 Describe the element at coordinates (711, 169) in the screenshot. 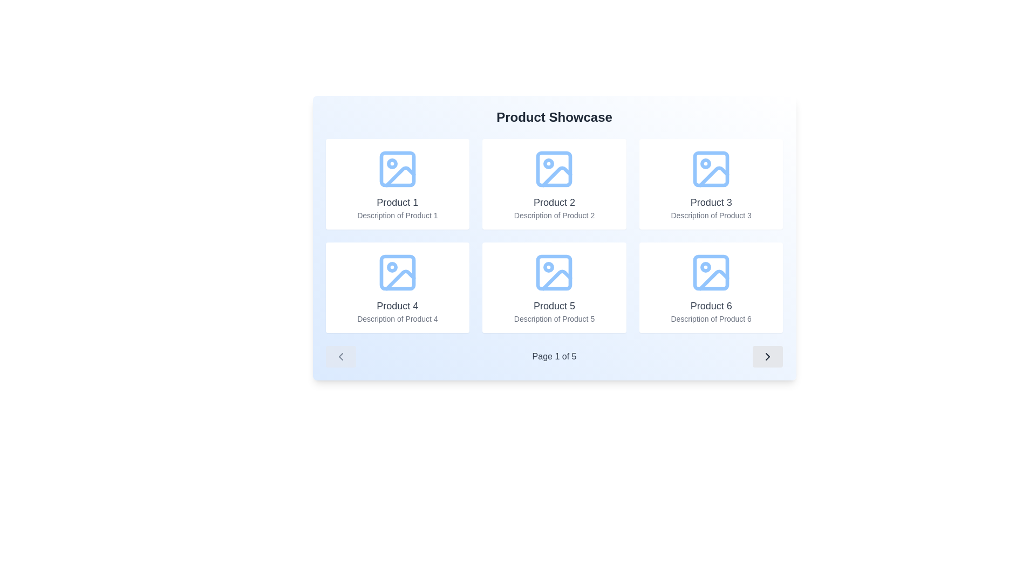

I see `the decorative image icon for 'Product 3' located in the third position of the top row in the 'Product Showcase' grid` at that location.